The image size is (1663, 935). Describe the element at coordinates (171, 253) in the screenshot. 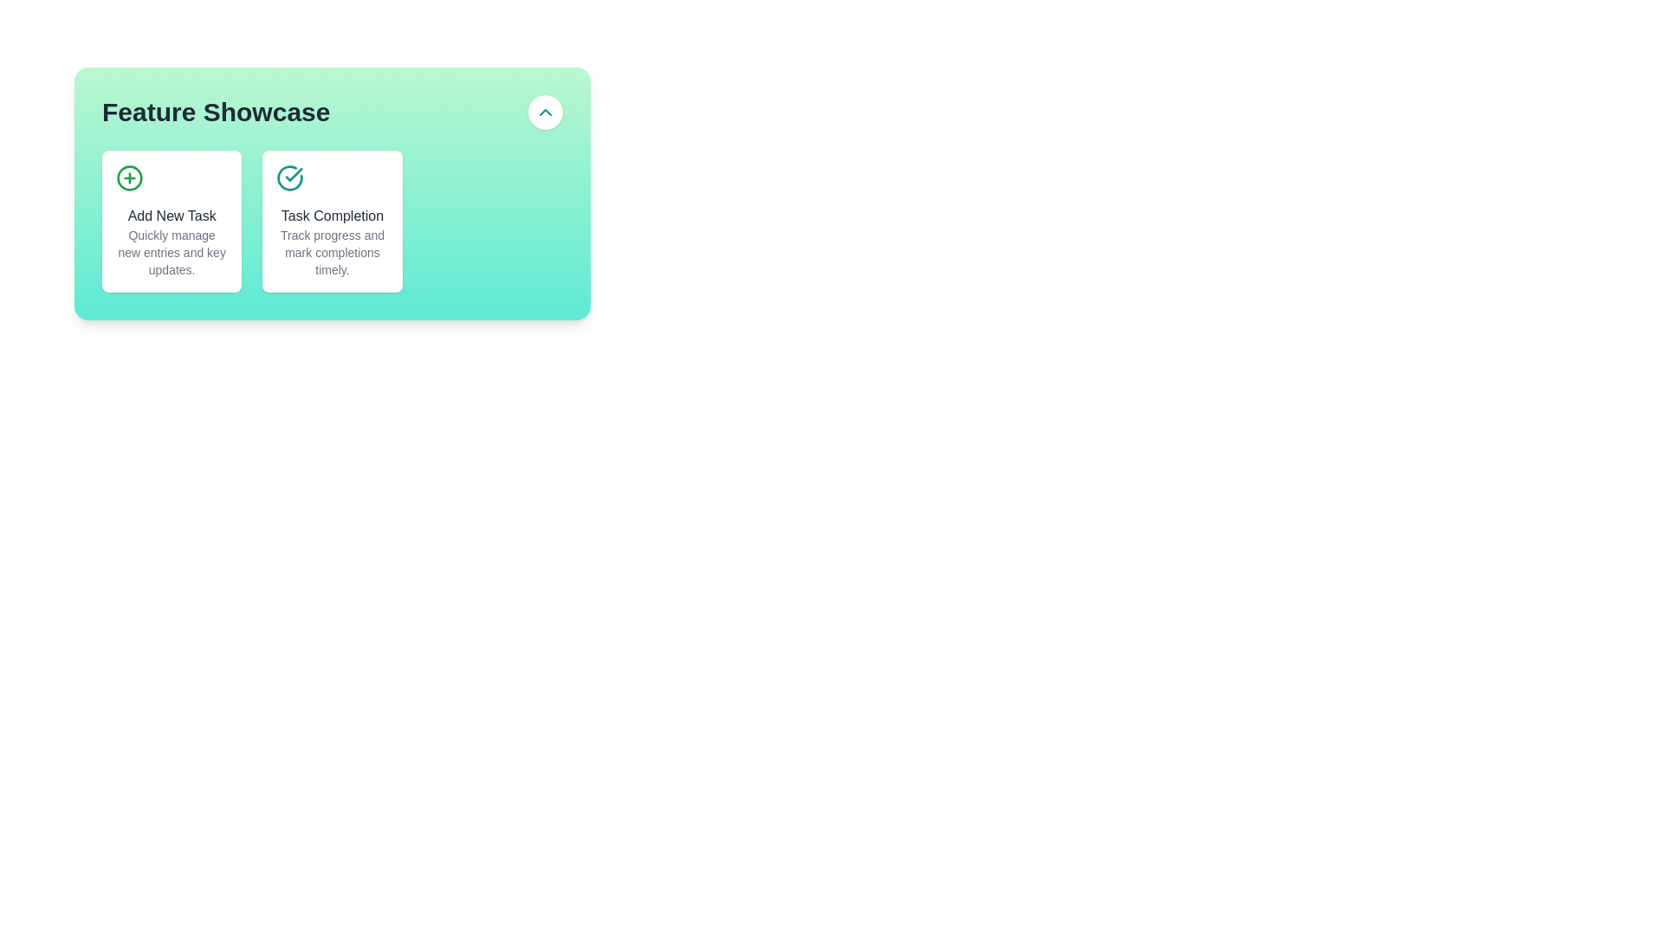

I see `the descriptive text label that reads 'Quickly manage new entries and key updates.' located under the title 'Add New Task.'` at that location.